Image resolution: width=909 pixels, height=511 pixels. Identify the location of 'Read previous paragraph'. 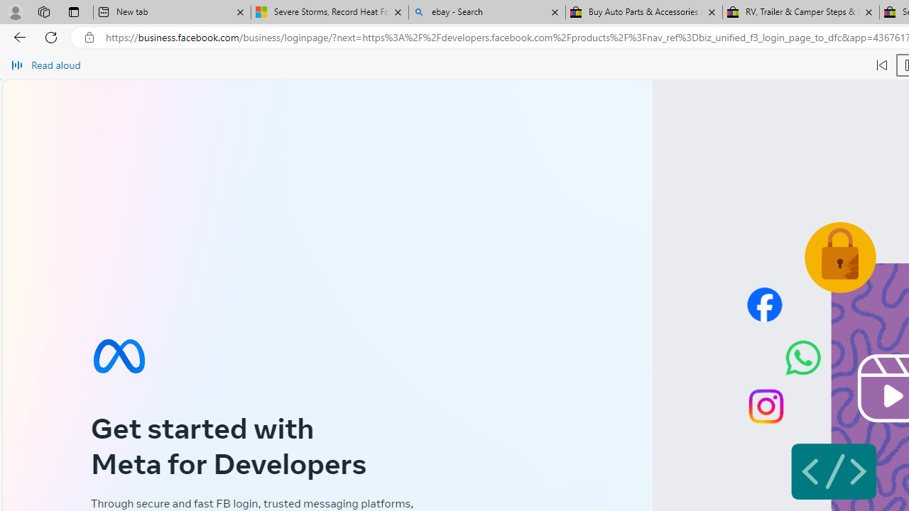
(881, 65).